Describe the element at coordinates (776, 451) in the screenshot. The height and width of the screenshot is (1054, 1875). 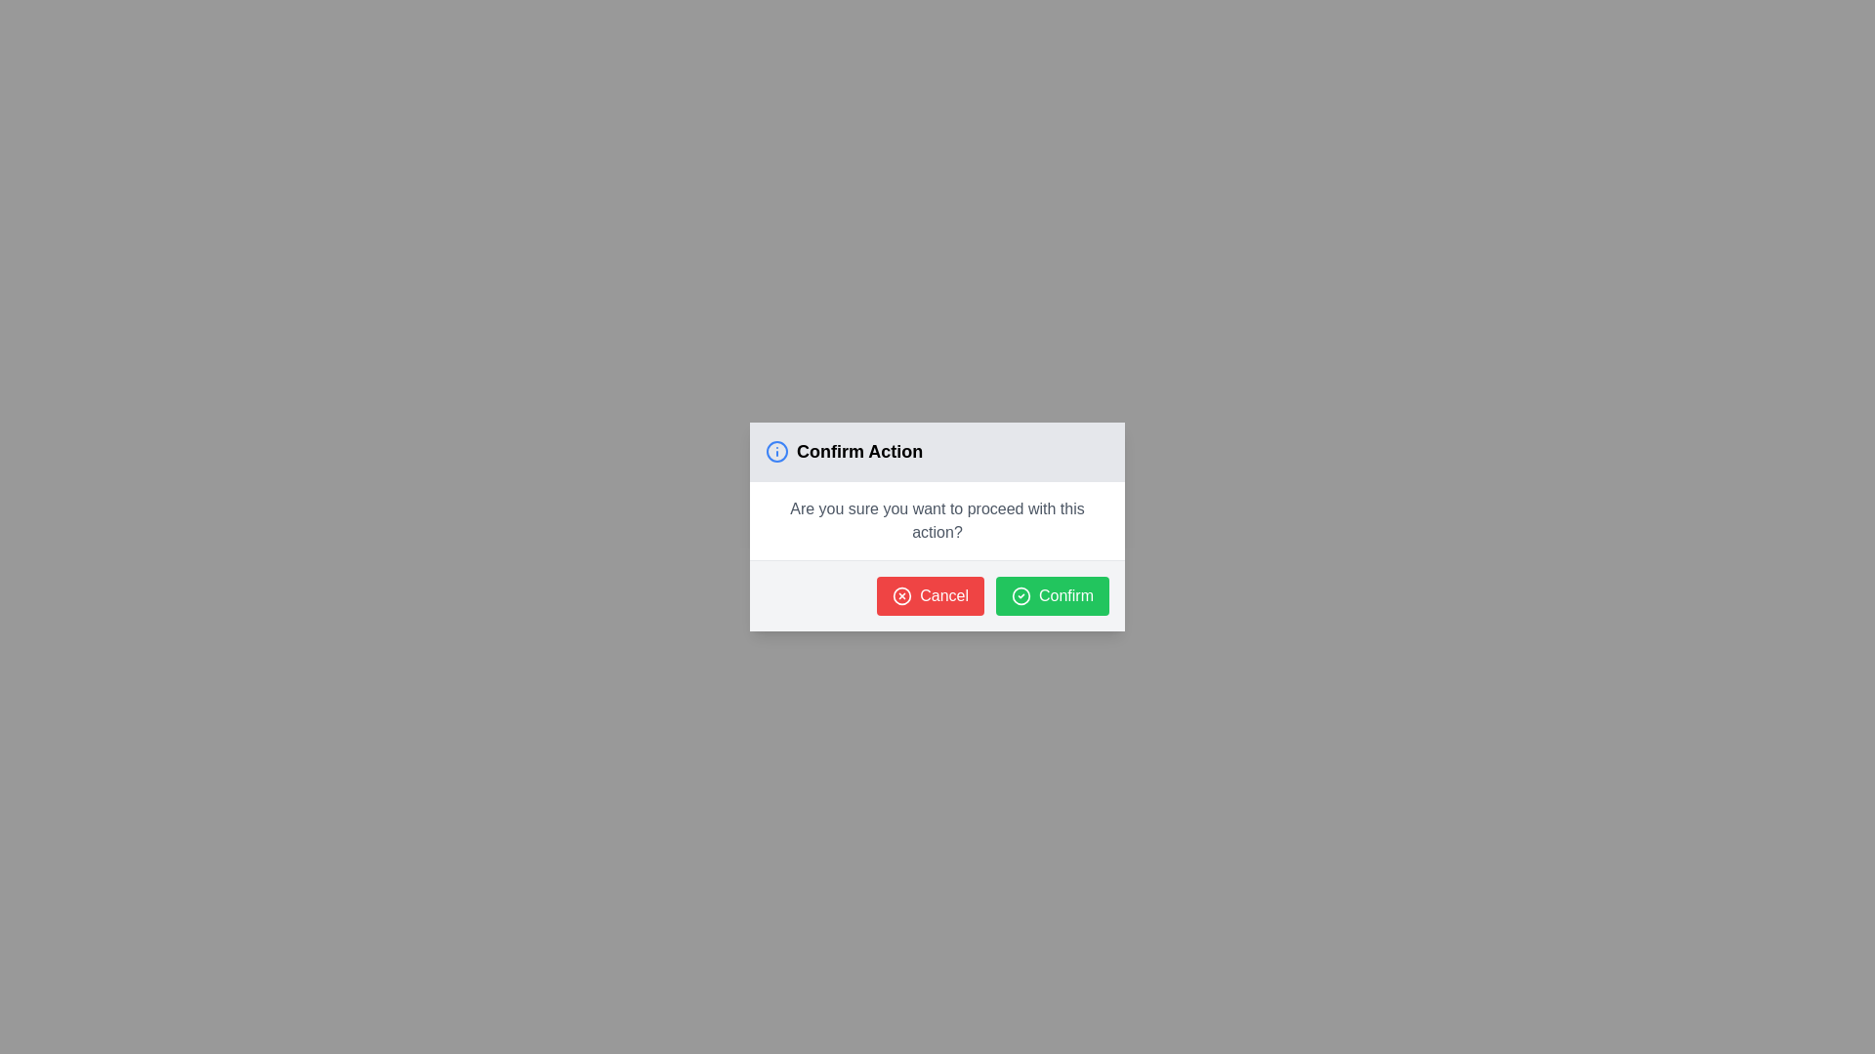
I see `the decorative circular shape within the informational icon, which is styled in blue and located in the top-left portion of the 'Confirm Action' dialog box` at that location.